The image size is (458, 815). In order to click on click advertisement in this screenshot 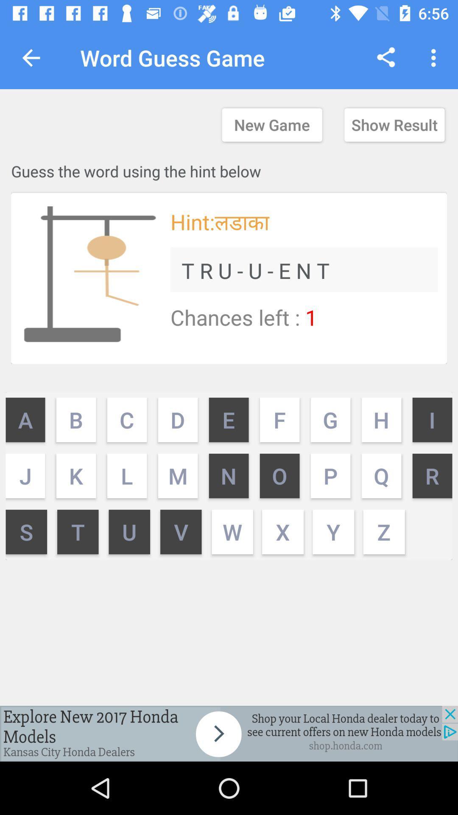, I will do `click(229, 733)`.